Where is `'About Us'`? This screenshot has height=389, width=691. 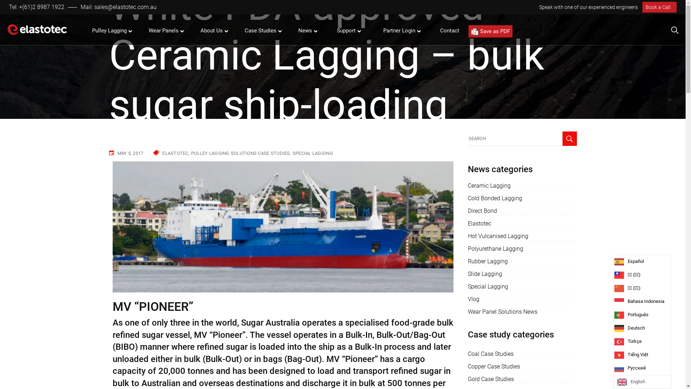 'About Us' is located at coordinates (212, 30).